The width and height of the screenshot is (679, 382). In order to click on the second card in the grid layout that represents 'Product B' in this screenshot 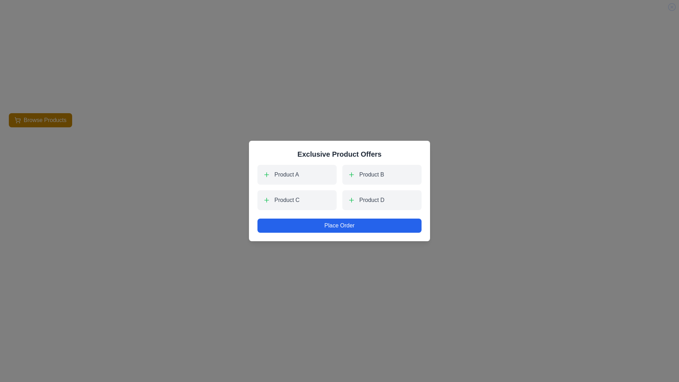, I will do `click(382, 174)`.